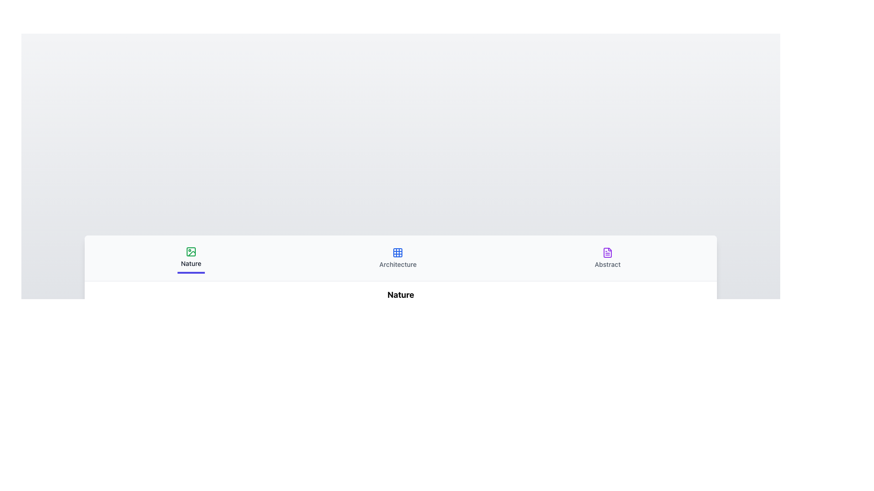 Image resolution: width=874 pixels, height=491 pixels. I want to click on the text label for 'Architecture', so click(398, 264).